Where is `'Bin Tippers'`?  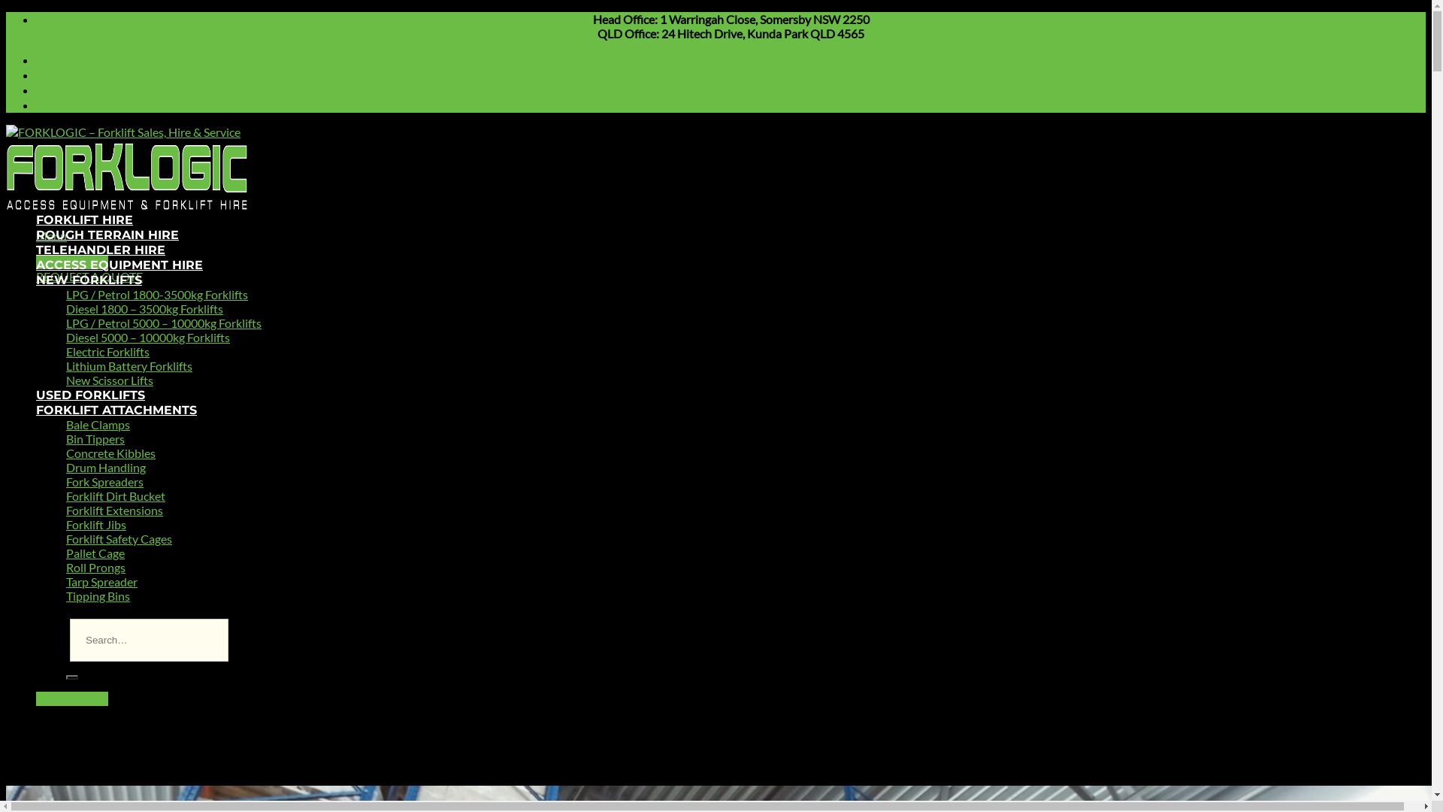 'Bin Tippers' is located at coordinates (94, 438).